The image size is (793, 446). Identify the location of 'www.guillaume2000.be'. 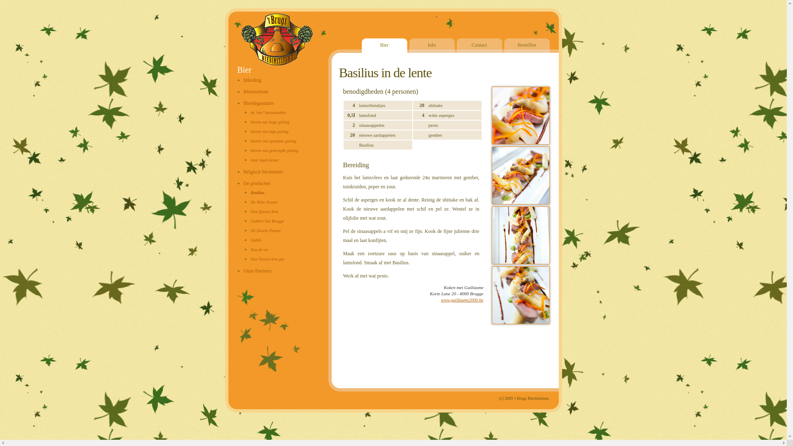
(461, 299).